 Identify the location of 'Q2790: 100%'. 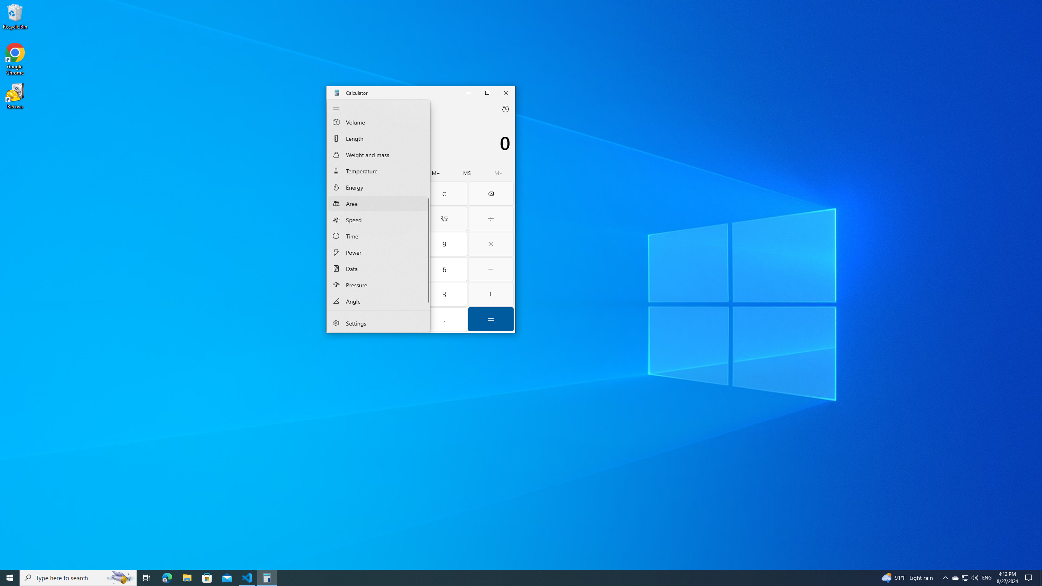
(974, 577).